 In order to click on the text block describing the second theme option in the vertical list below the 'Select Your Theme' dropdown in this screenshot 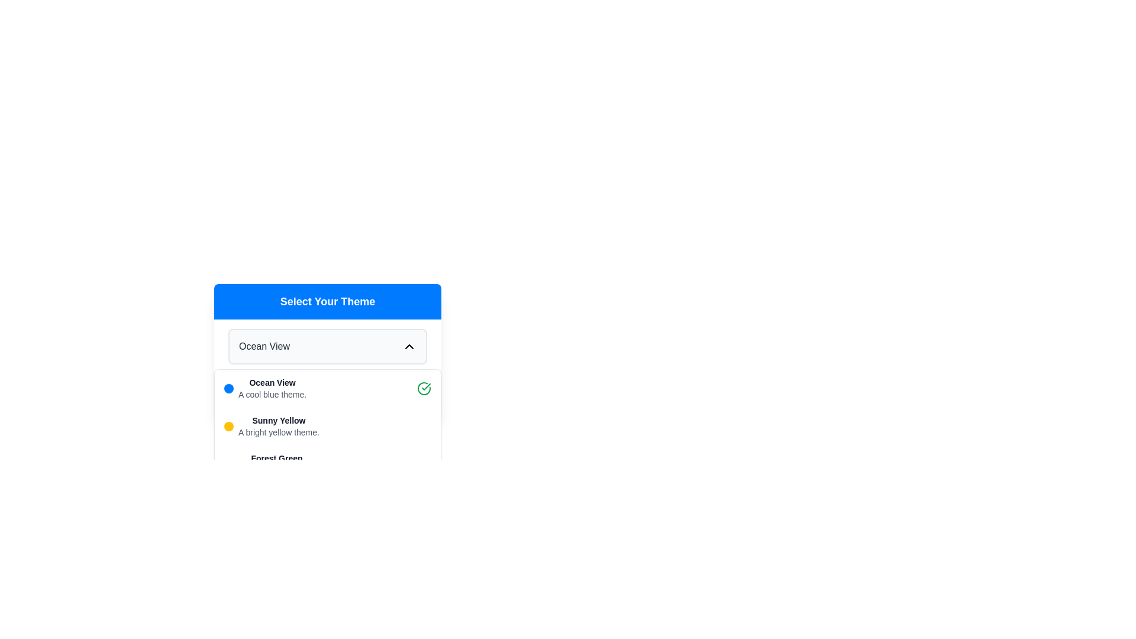, I will do `click(278, 427)`.